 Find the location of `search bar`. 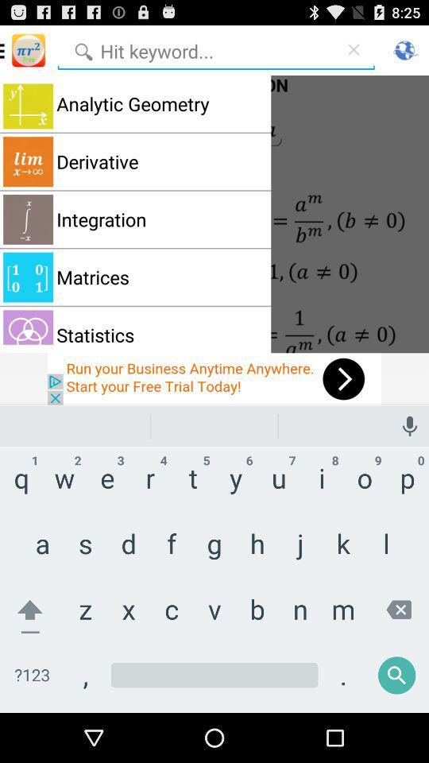

search bar is located at coordinates (196, 48).